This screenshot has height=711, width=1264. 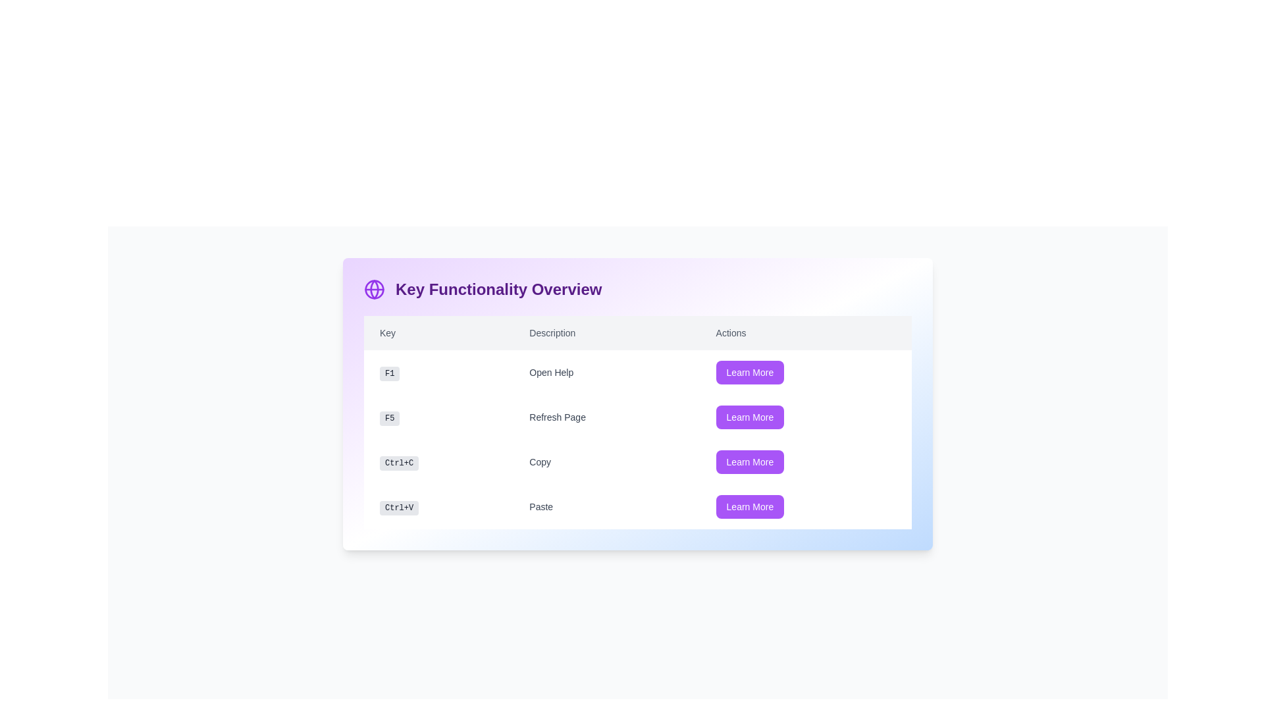 I want to click on the text label styled as a button displaying 'Ctrl+C', which is located in the 'Key' column of a table layout, serving as the third item in the list under the 'Key' column, so click(x=438, y=461).